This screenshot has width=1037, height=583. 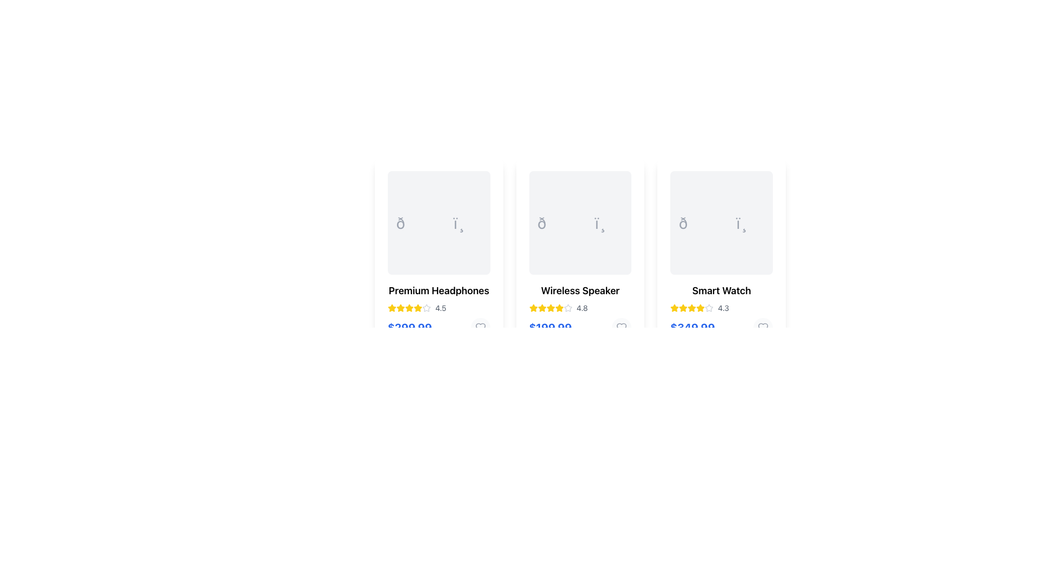 I want to click on the star icon representing a single rating unit in the 5-star rating system, located in the first product card above the 4.5-star rating text, so click(x=409, y=308).